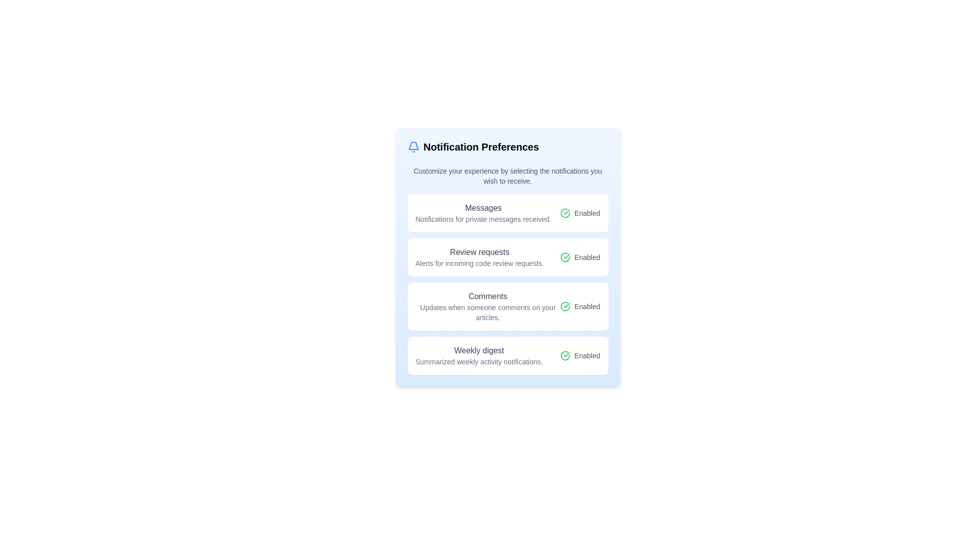  What do you see at coordinates (587, 355) in the screenshot?
I see `the status indicator text label that shows the enabled state for the associated notification option, which is positioned to the right of a green check circle icon under the 'Weekly digest' preference` at bounding box center [587, 355].